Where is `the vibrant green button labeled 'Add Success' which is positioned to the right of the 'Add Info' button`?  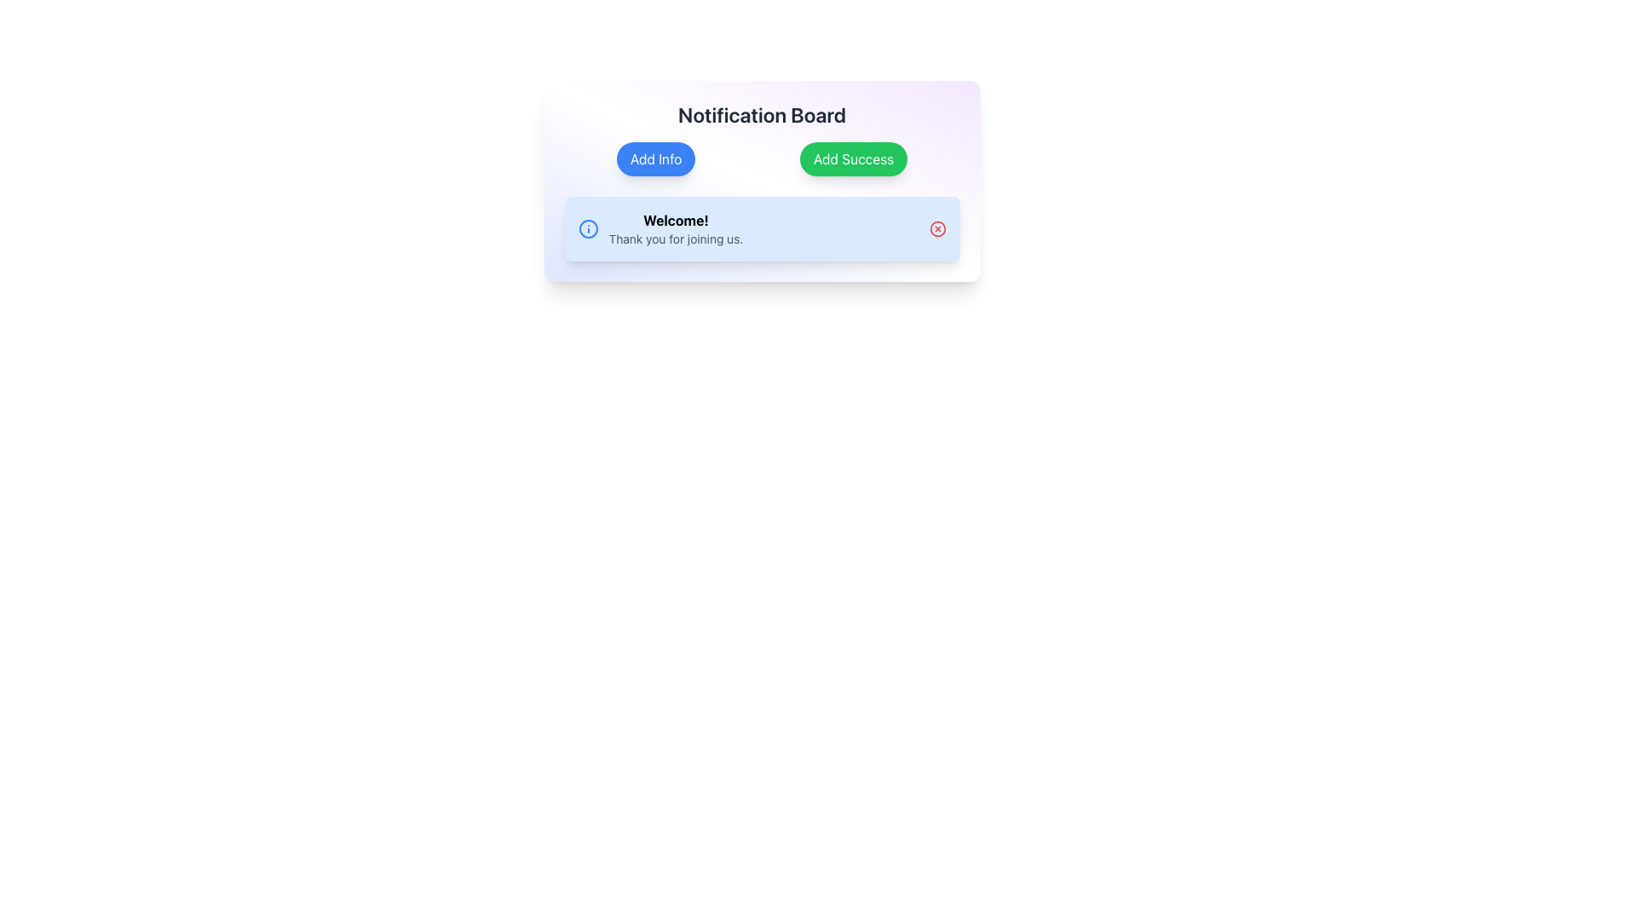 the vibrant green button labeled 'Add Success' which is positioned to the right of the 'Add Info' button is located at coordinates (854, 158).